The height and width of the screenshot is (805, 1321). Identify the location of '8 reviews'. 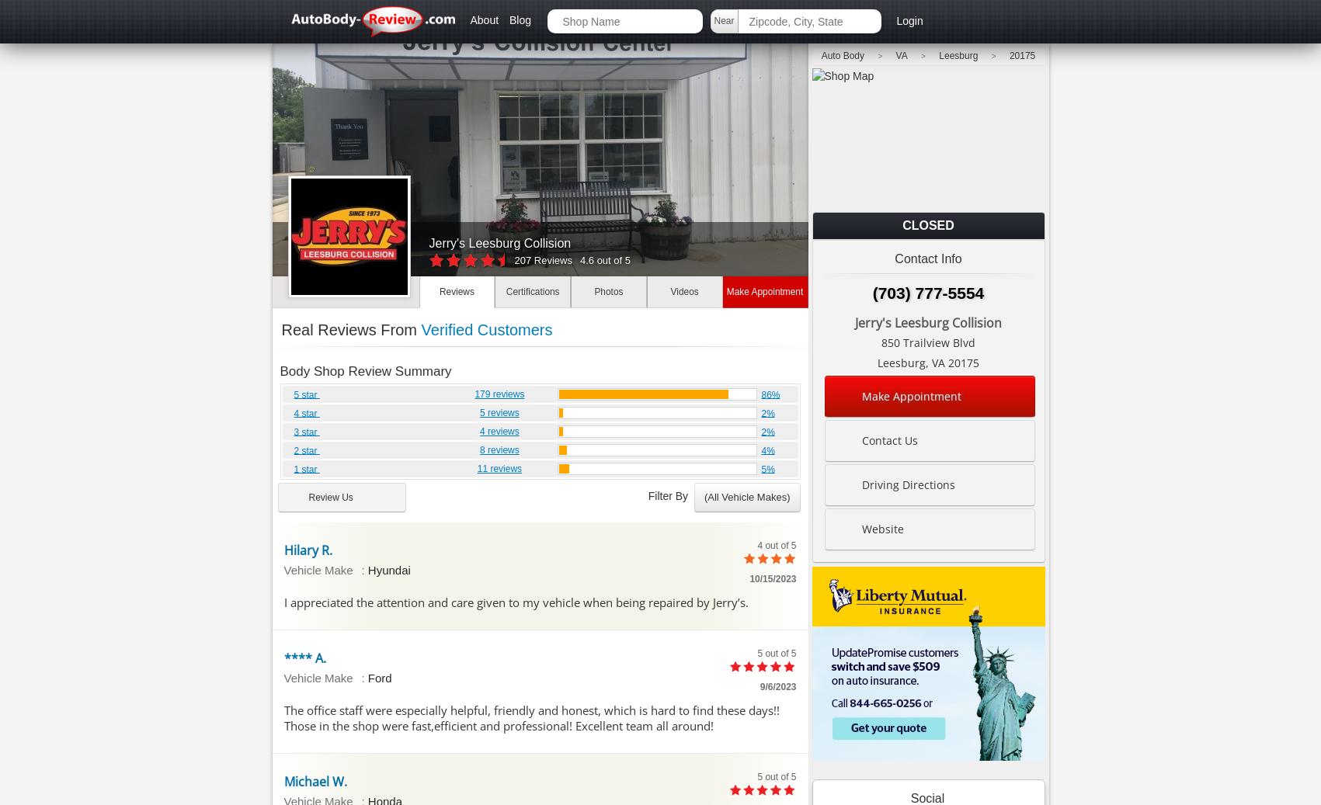
(478, 449).